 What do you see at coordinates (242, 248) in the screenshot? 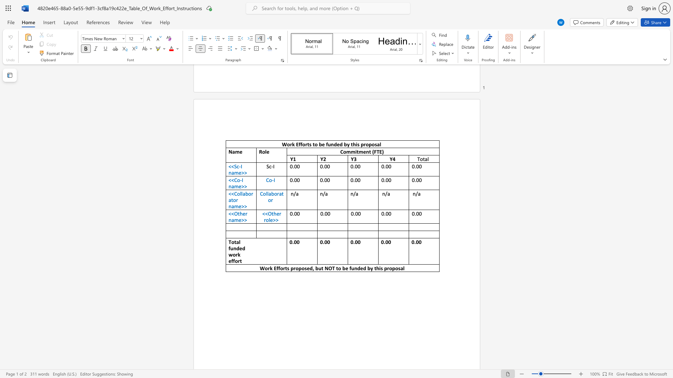
I see `the subset text "d work effo" within the text "Total funded work effort"` at bounding box center [242, 248].